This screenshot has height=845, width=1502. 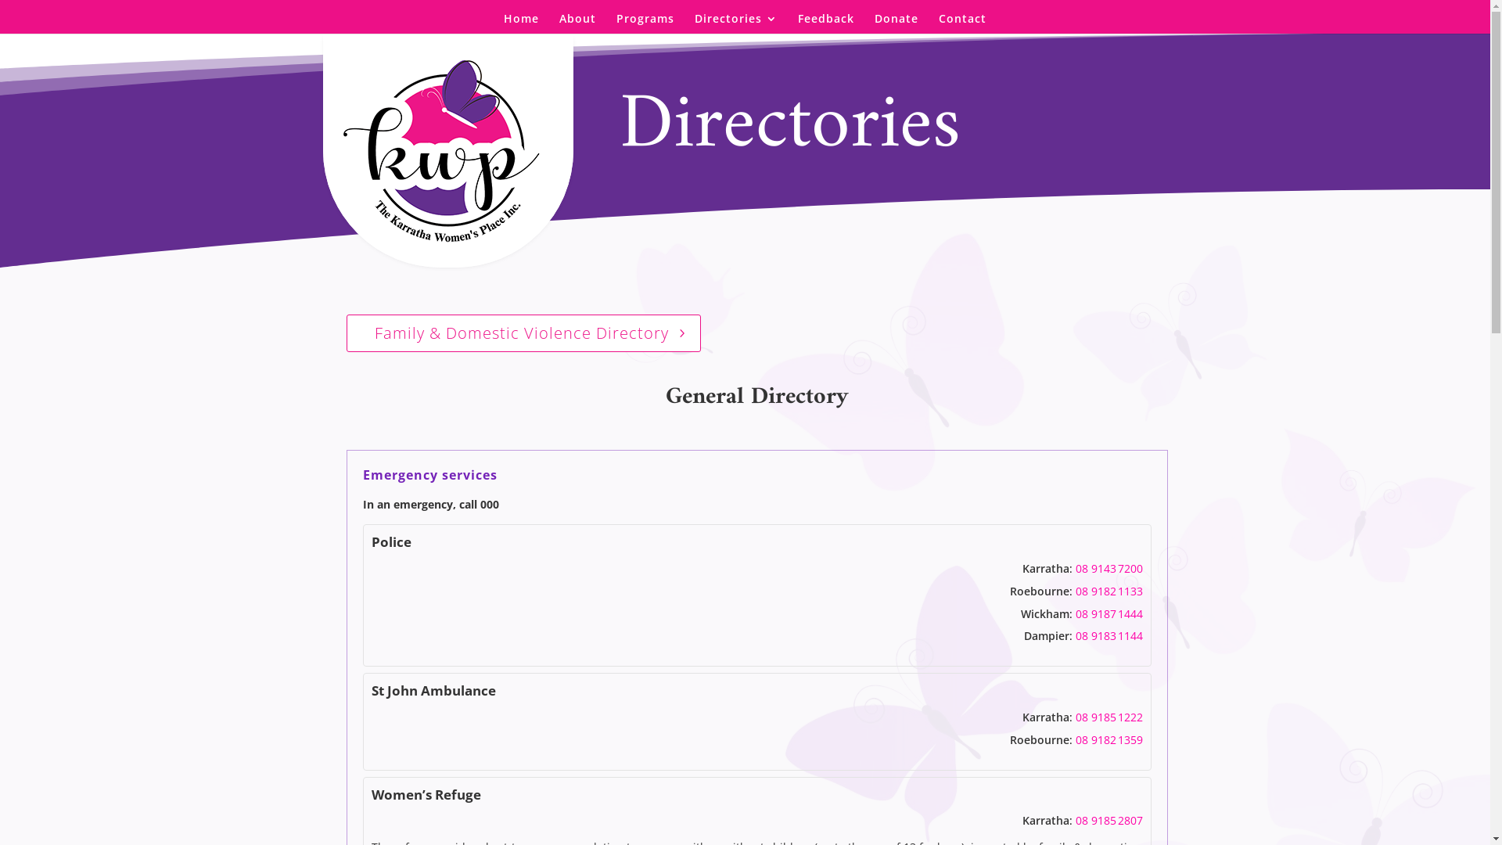 I want to click on 'Family & Domestic Violence Directory', so click(x=523, y=332).